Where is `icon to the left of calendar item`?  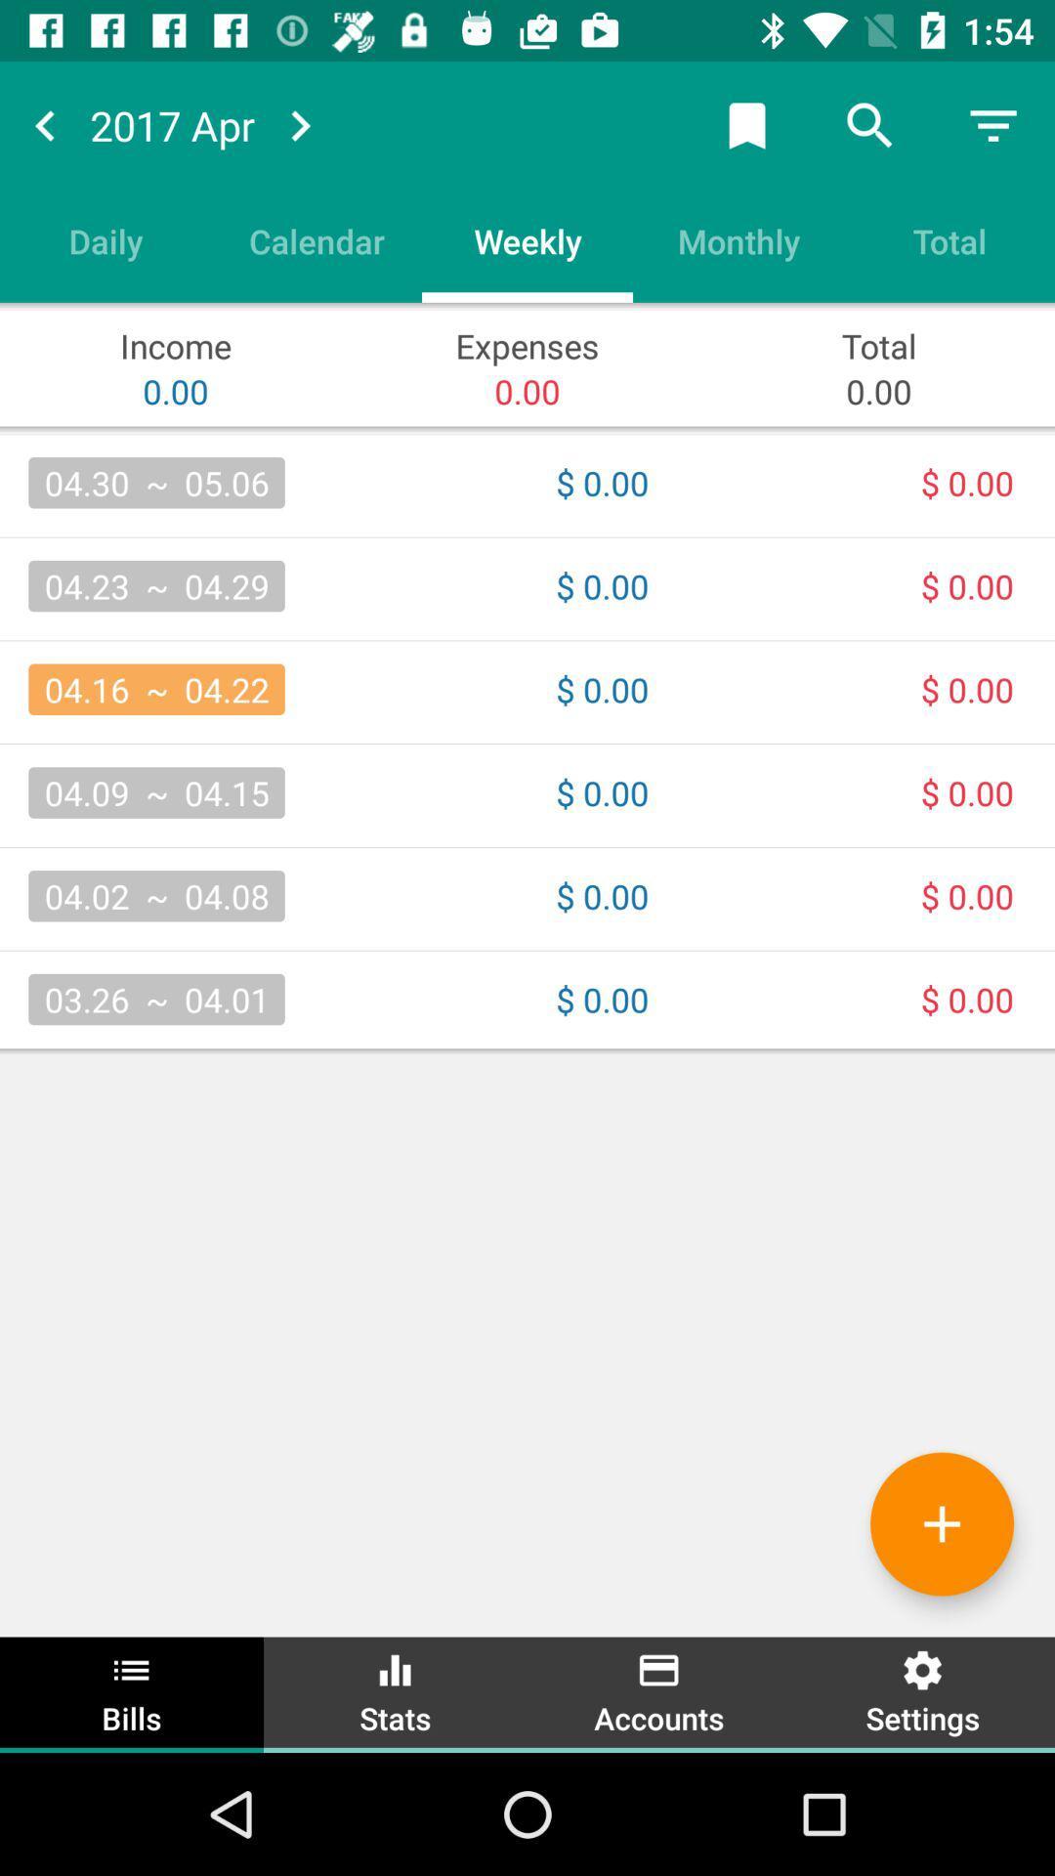
icon to the left of calendar item is located at coordinates (105, 239).